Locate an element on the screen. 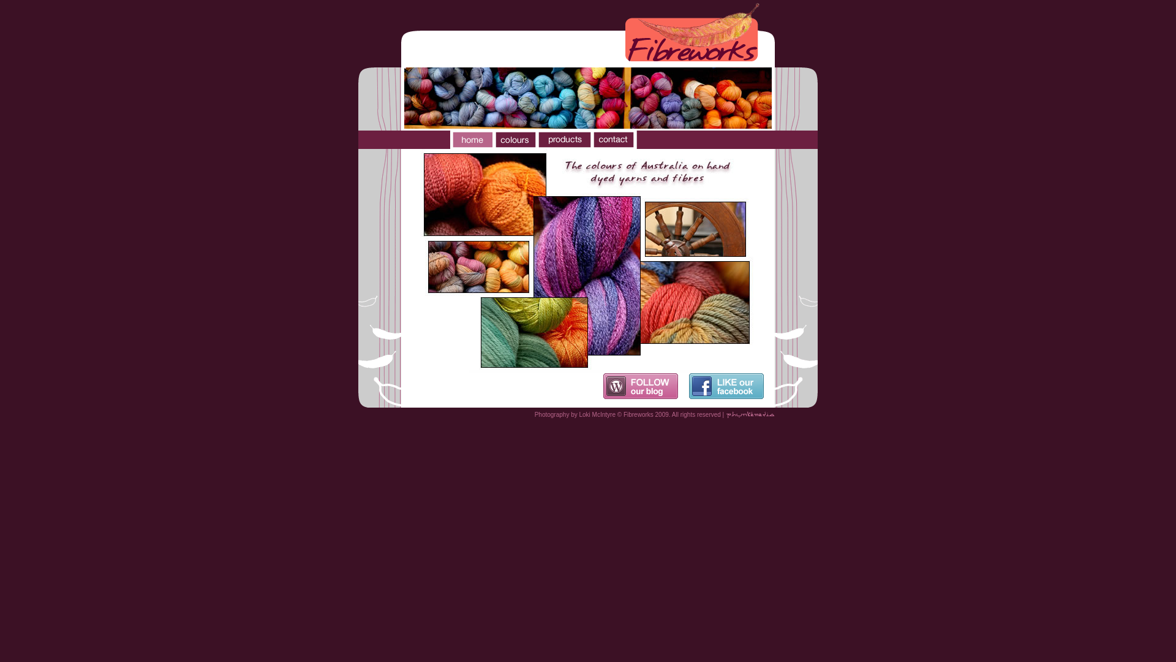 This screenshot has height=662, width=1176. 'Fibreworks products' is located at coordinates (535, 139).